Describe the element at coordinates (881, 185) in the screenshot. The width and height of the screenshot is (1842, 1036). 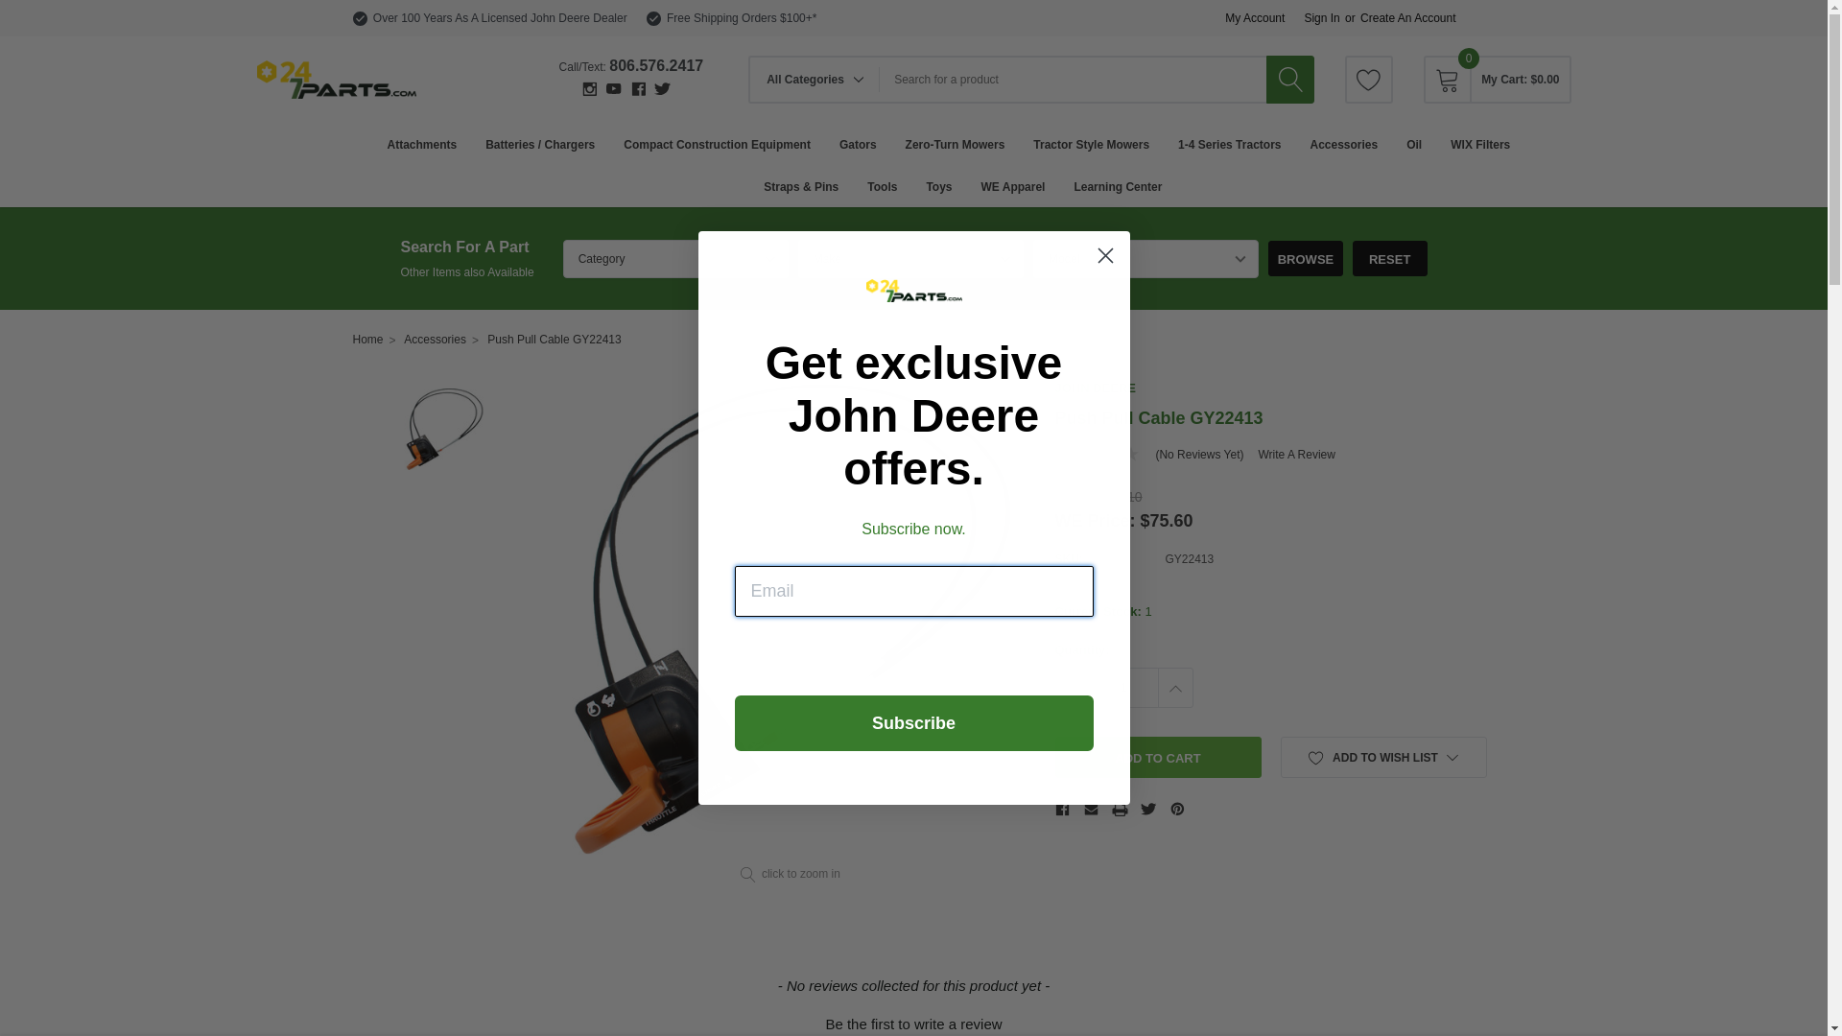
I see `'Tools'` at that location.